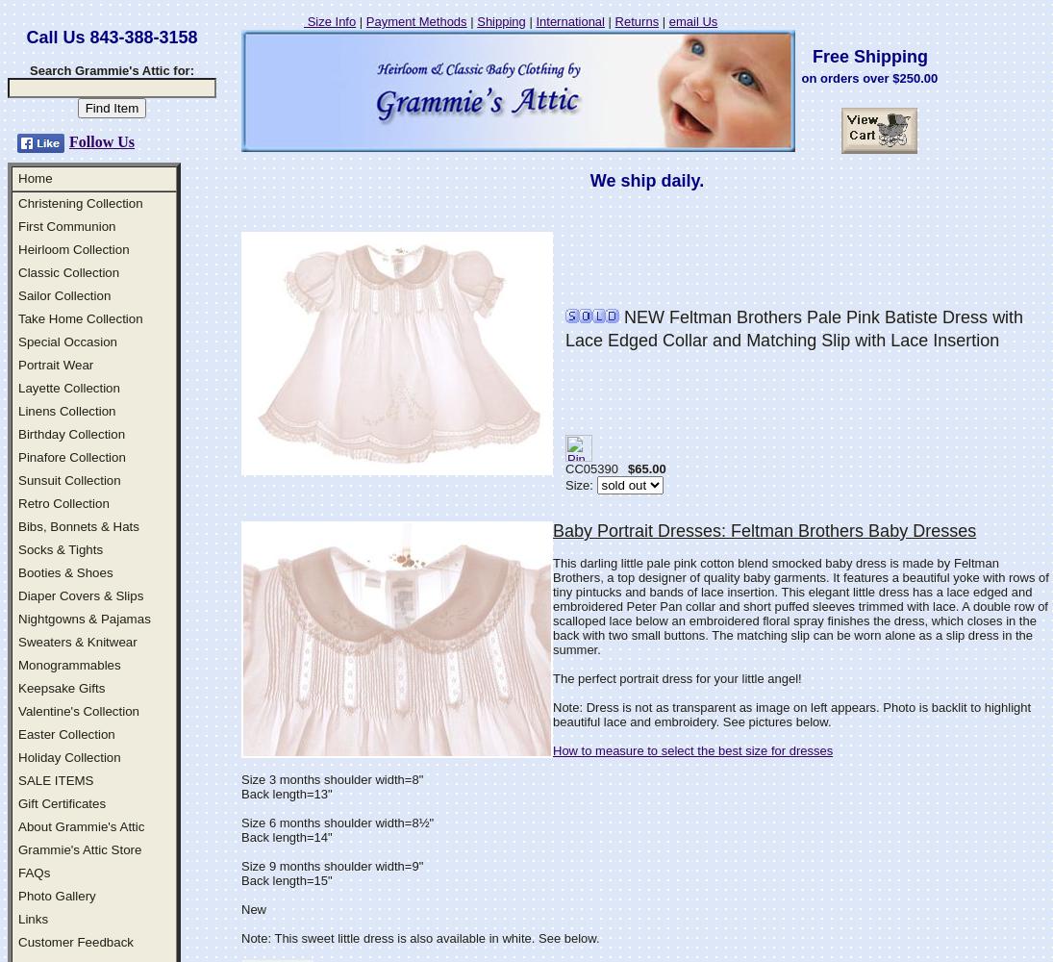  I want to click on 'Payment Methods', so click(414, 21).